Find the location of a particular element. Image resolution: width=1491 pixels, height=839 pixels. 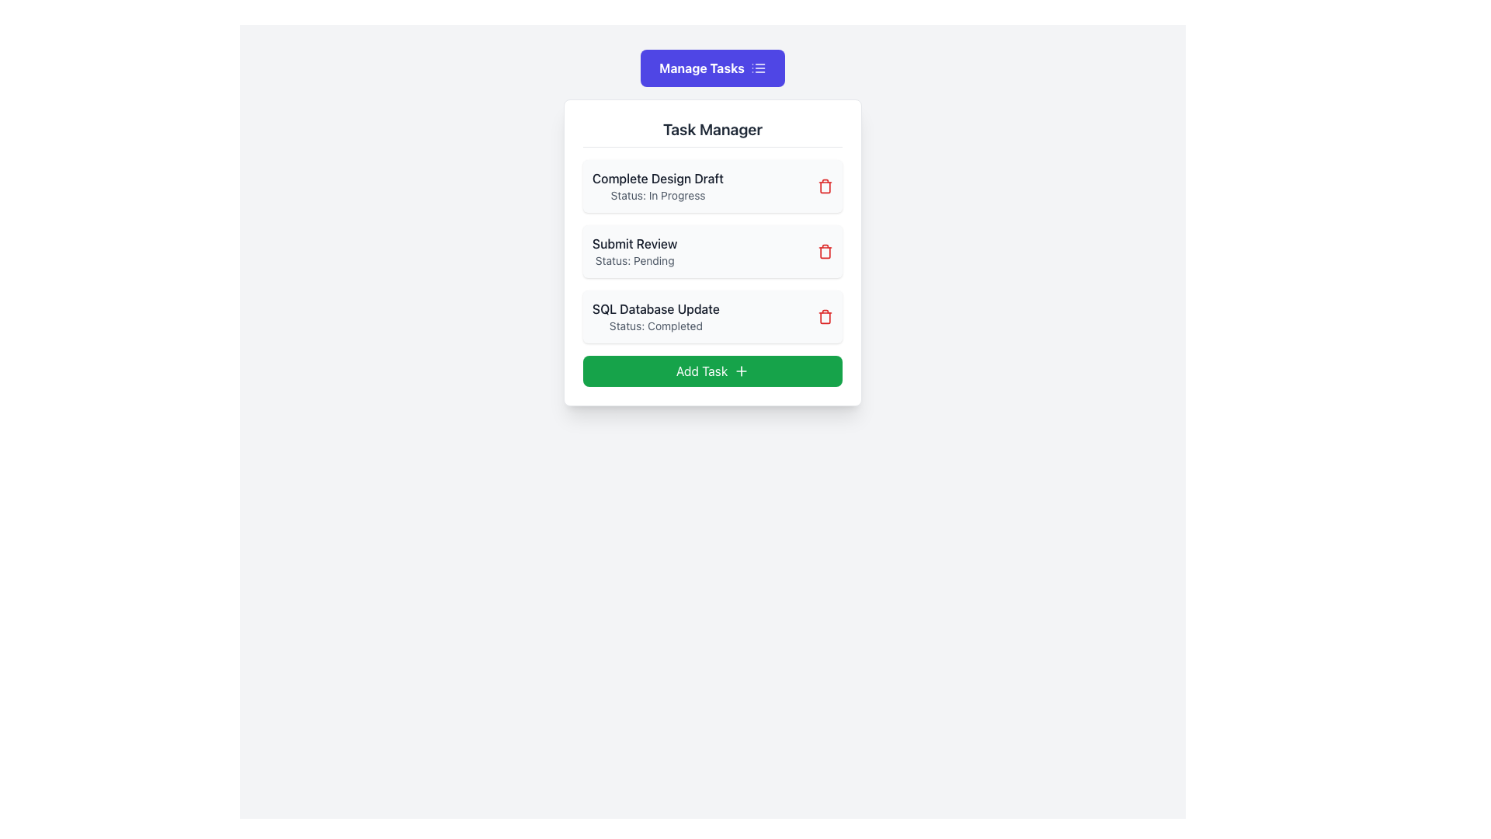

the icon located to the right side of the 'Add Task' button is located at coordinates (741, 371).